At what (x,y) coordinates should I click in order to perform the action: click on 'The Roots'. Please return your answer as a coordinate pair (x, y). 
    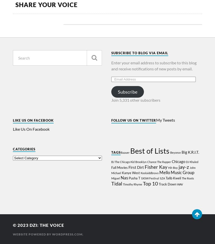
    Looking at the image, I should click on (187, 178).